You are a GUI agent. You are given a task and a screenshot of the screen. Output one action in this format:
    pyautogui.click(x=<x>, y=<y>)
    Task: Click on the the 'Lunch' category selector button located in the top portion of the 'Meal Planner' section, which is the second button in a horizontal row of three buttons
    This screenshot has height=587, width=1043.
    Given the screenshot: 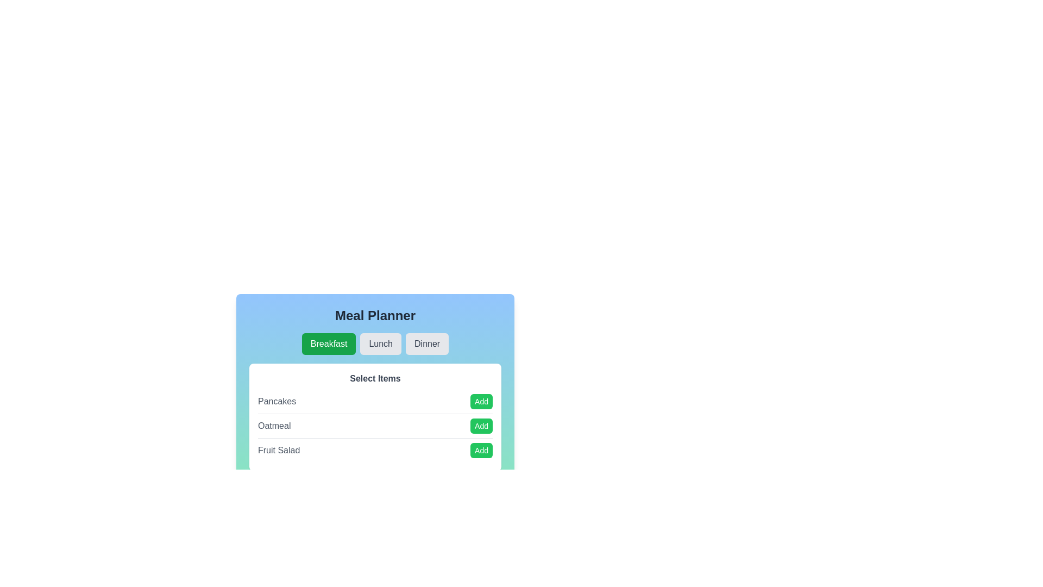 What is the action you would take?
    pyautogui.click(x=381, y=344)
    